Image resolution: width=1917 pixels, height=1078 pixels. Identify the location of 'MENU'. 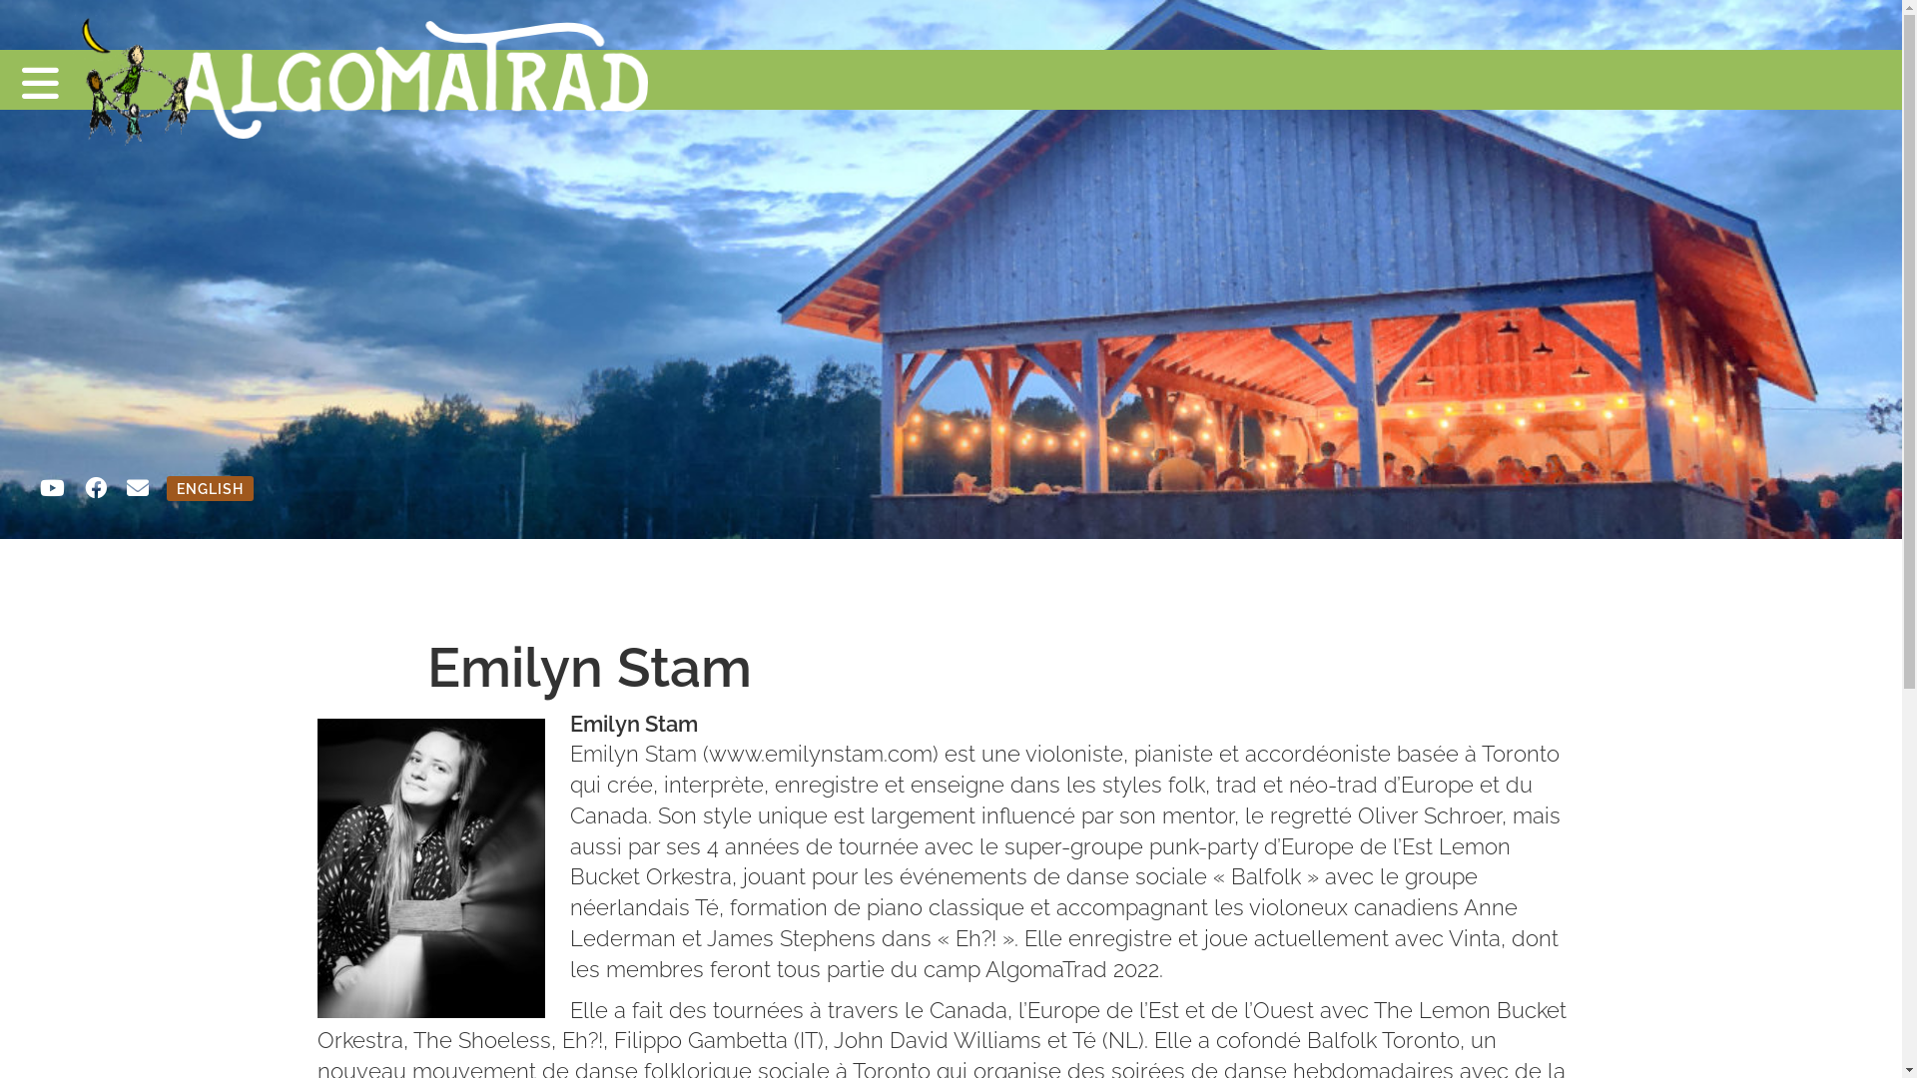
(0, 79).